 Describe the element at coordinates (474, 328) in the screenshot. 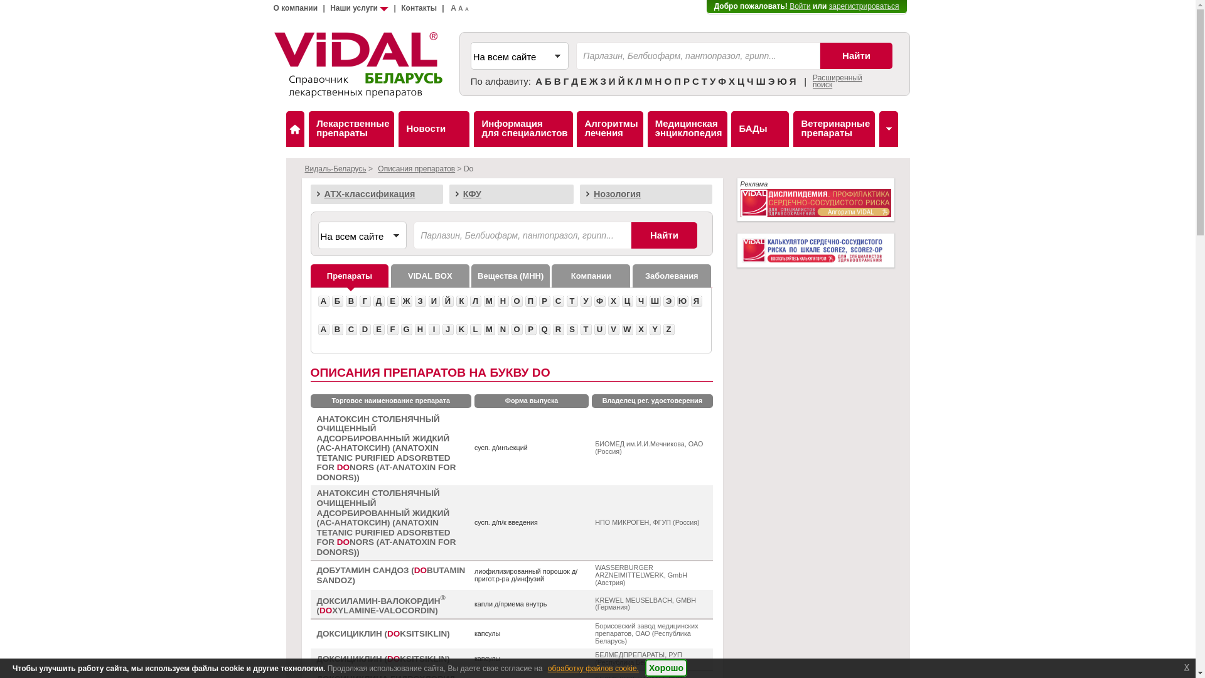

I see `'L'` at that location.